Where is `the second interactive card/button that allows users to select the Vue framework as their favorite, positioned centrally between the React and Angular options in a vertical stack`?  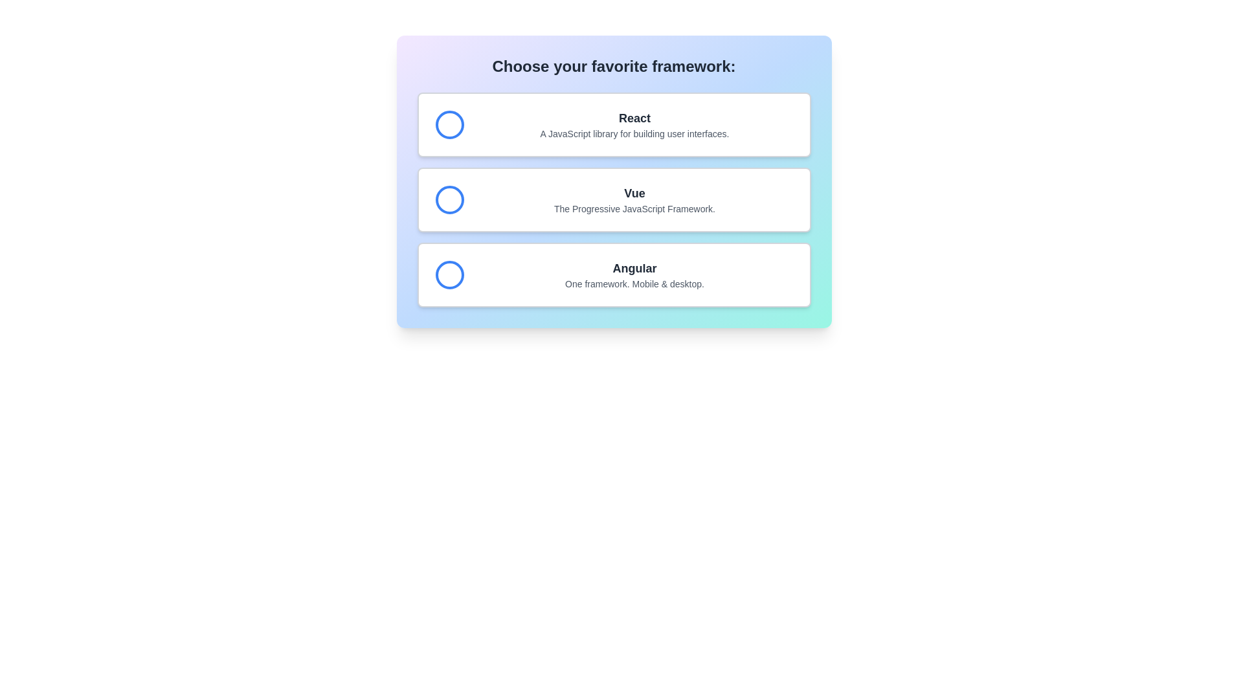 the second interactive card/button that allows users to select the Vue framework as their favorite, positioned centrally between the React and Angular options in a vertical stack is located at coordinates (613, 182).